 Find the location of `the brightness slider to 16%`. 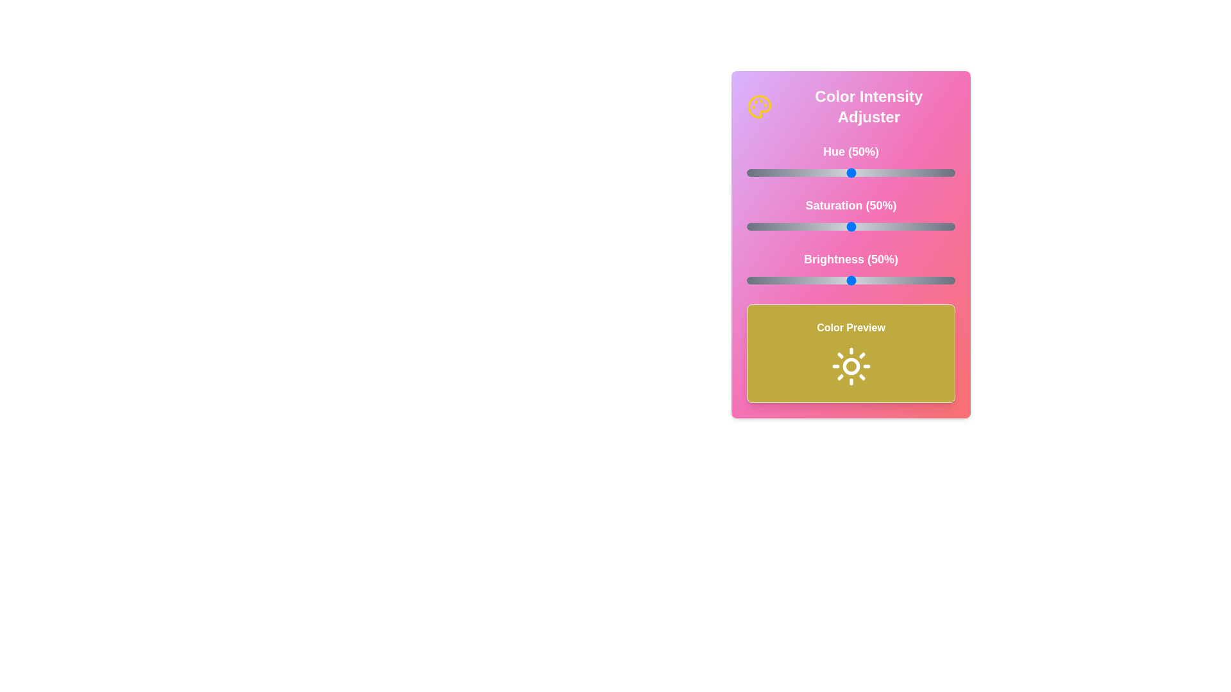

the brightness slider to 16% is located at coordinates (780, 280).